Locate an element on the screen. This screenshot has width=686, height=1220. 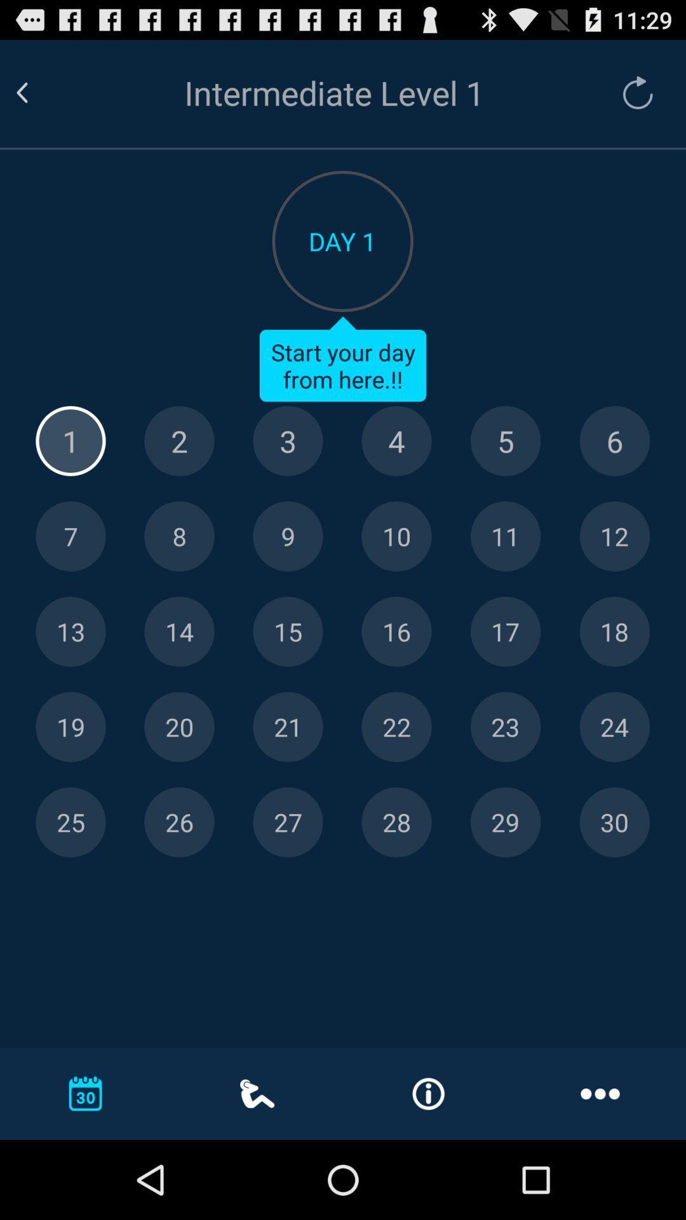
day 2 is located at coordinates (179, 441).